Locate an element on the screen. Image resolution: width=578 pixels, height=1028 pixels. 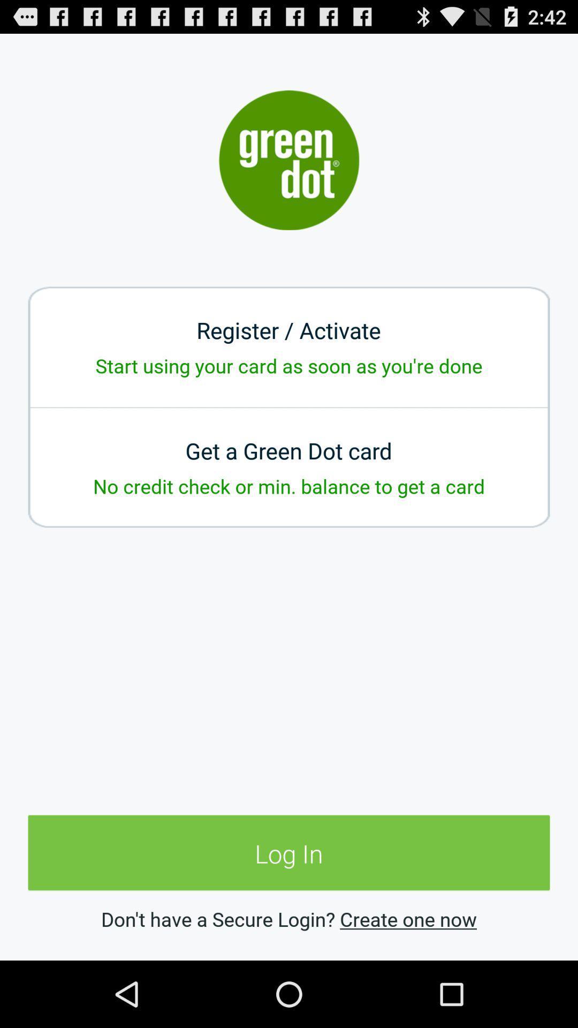
the icon at the bottom right corner is located at coordinates (408, 918).